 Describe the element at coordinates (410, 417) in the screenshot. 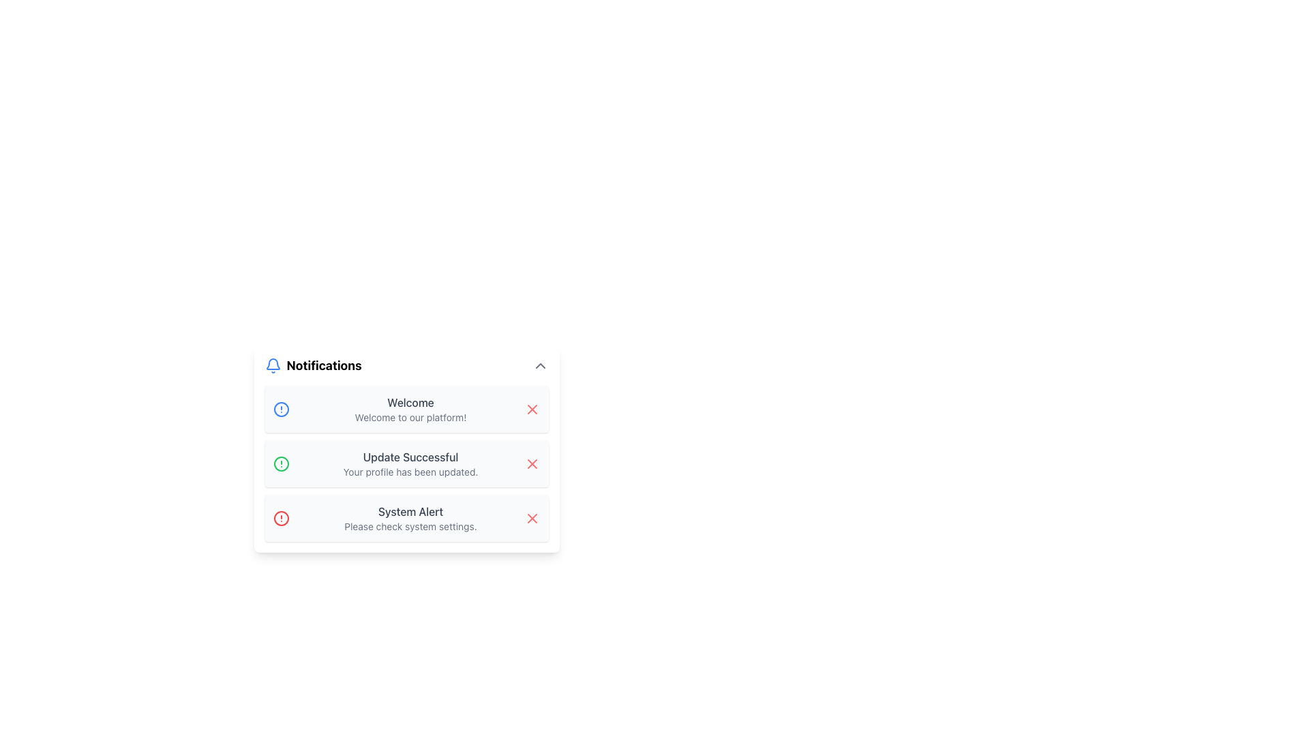

I see `text label that says 'Welcome to our platform!' located below the bold heading 'Welcome' in the first notification card` at that location.